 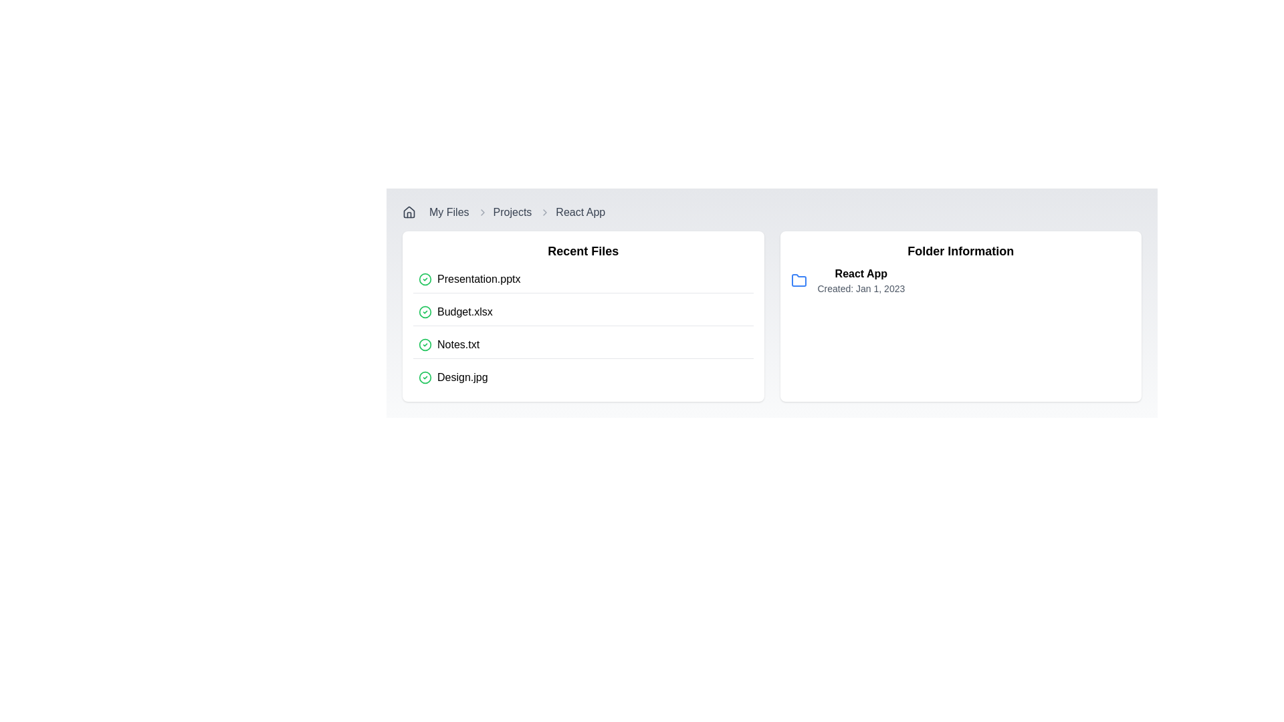 What do you see at coordinates (798, 279) in the screenshot?
I see `the folder icon representing the 'React App' within the 'Folder Information' panel` at bounding box center [798, 279].